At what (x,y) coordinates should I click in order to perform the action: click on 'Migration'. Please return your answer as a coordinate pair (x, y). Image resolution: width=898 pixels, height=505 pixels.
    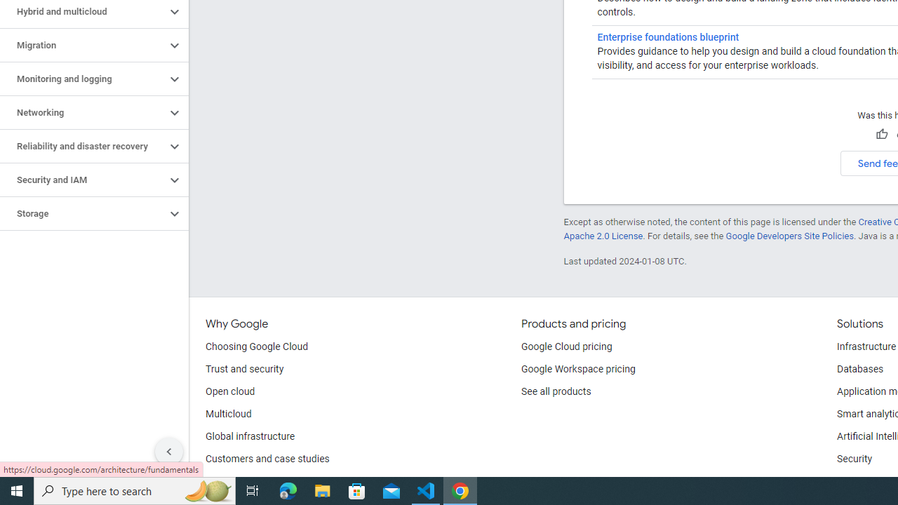
    Looking at the image, I should click on (82, 45).